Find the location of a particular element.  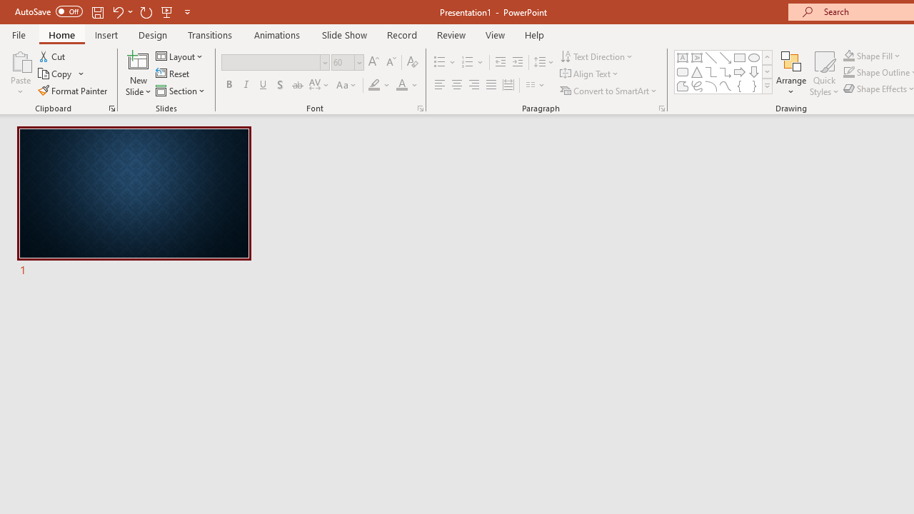

'Freeform: Scribble' is located at coordinates (697, 86).